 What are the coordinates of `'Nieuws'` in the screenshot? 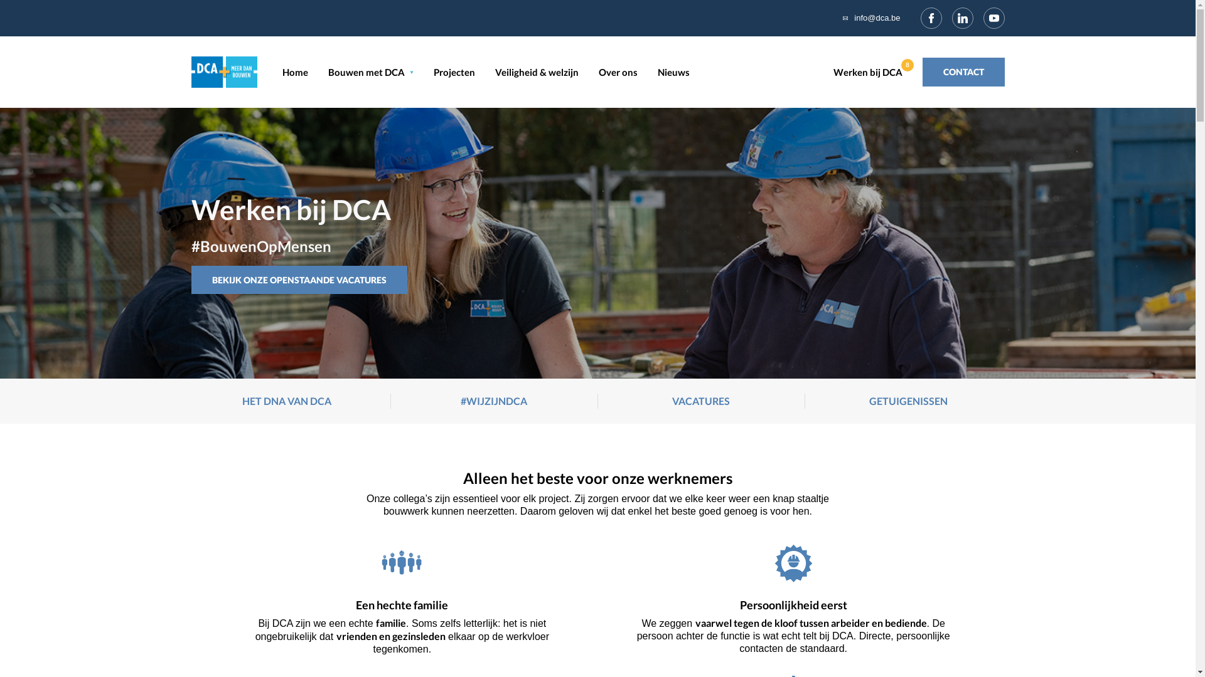 It's located at (673, 72).